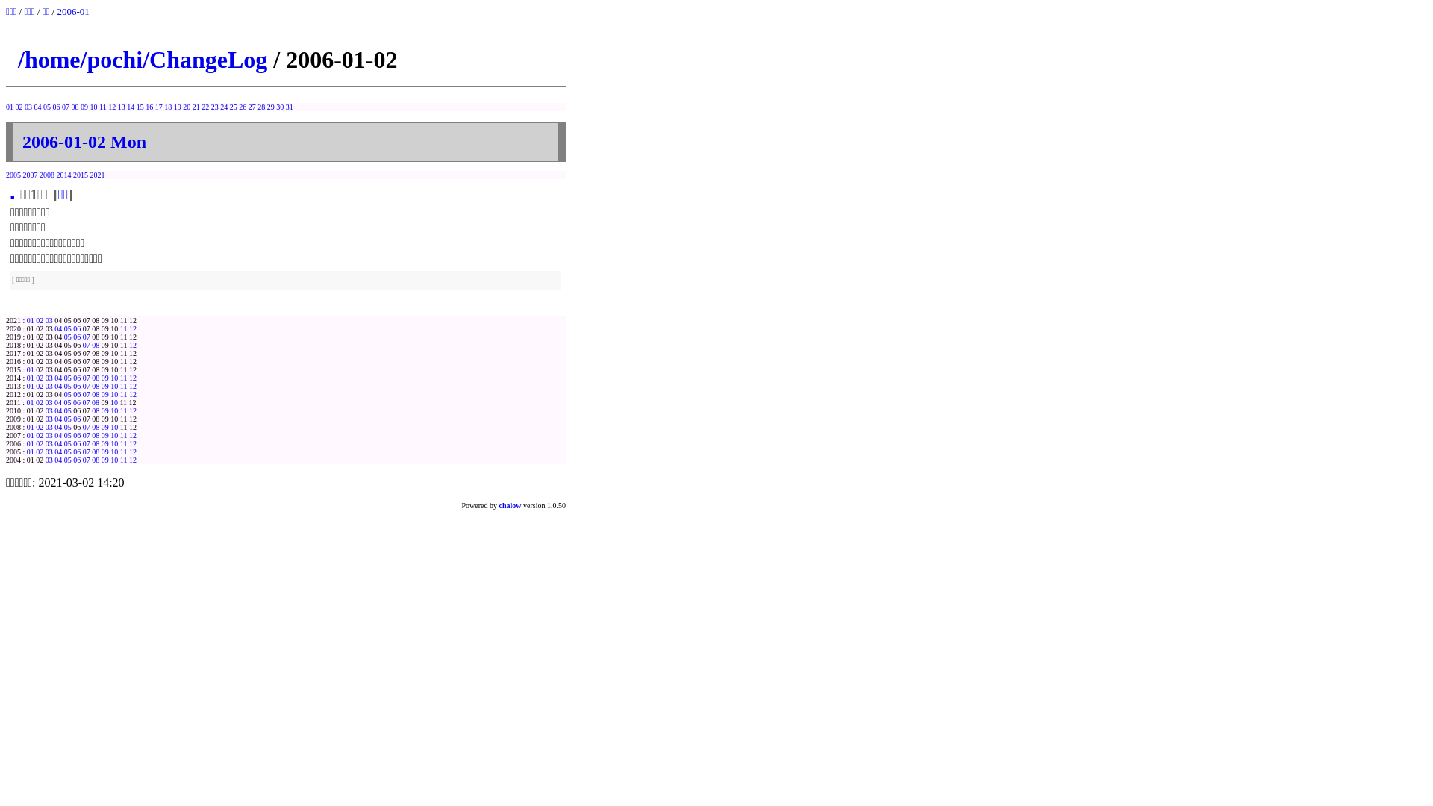  What do you see at coordinates (113, 427) in the screenshot?
I see `'10'` at bounding box center [113, 427].